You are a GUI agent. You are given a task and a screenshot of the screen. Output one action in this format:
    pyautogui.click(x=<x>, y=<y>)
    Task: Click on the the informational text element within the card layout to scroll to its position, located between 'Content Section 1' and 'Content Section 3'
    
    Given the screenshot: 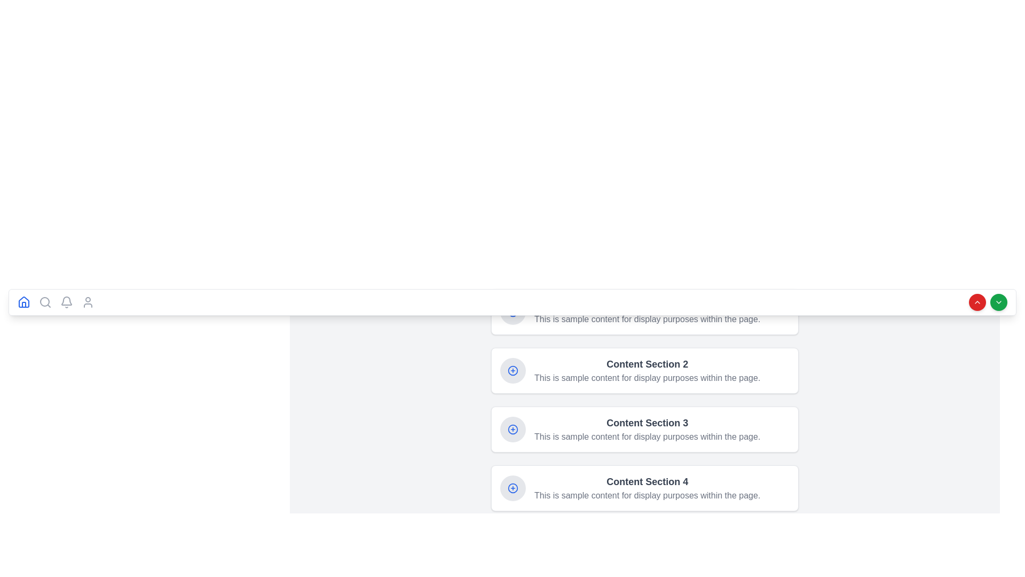 What is the action you would take?
    pyautogui.click(x=646, y=370)
    